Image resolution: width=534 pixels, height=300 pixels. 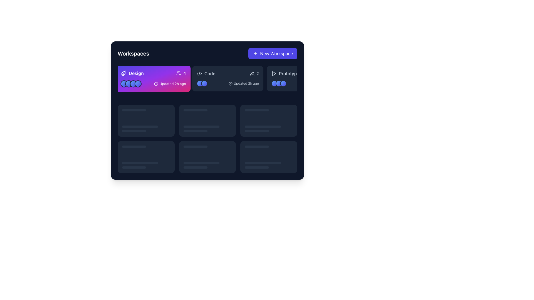 I want to click on the first decorative circular graphical element with a gradient color scheme transitioning from blue to indigo, located in the top-right area of the 'Prototype' workspace section, so click(x=275, y=83).